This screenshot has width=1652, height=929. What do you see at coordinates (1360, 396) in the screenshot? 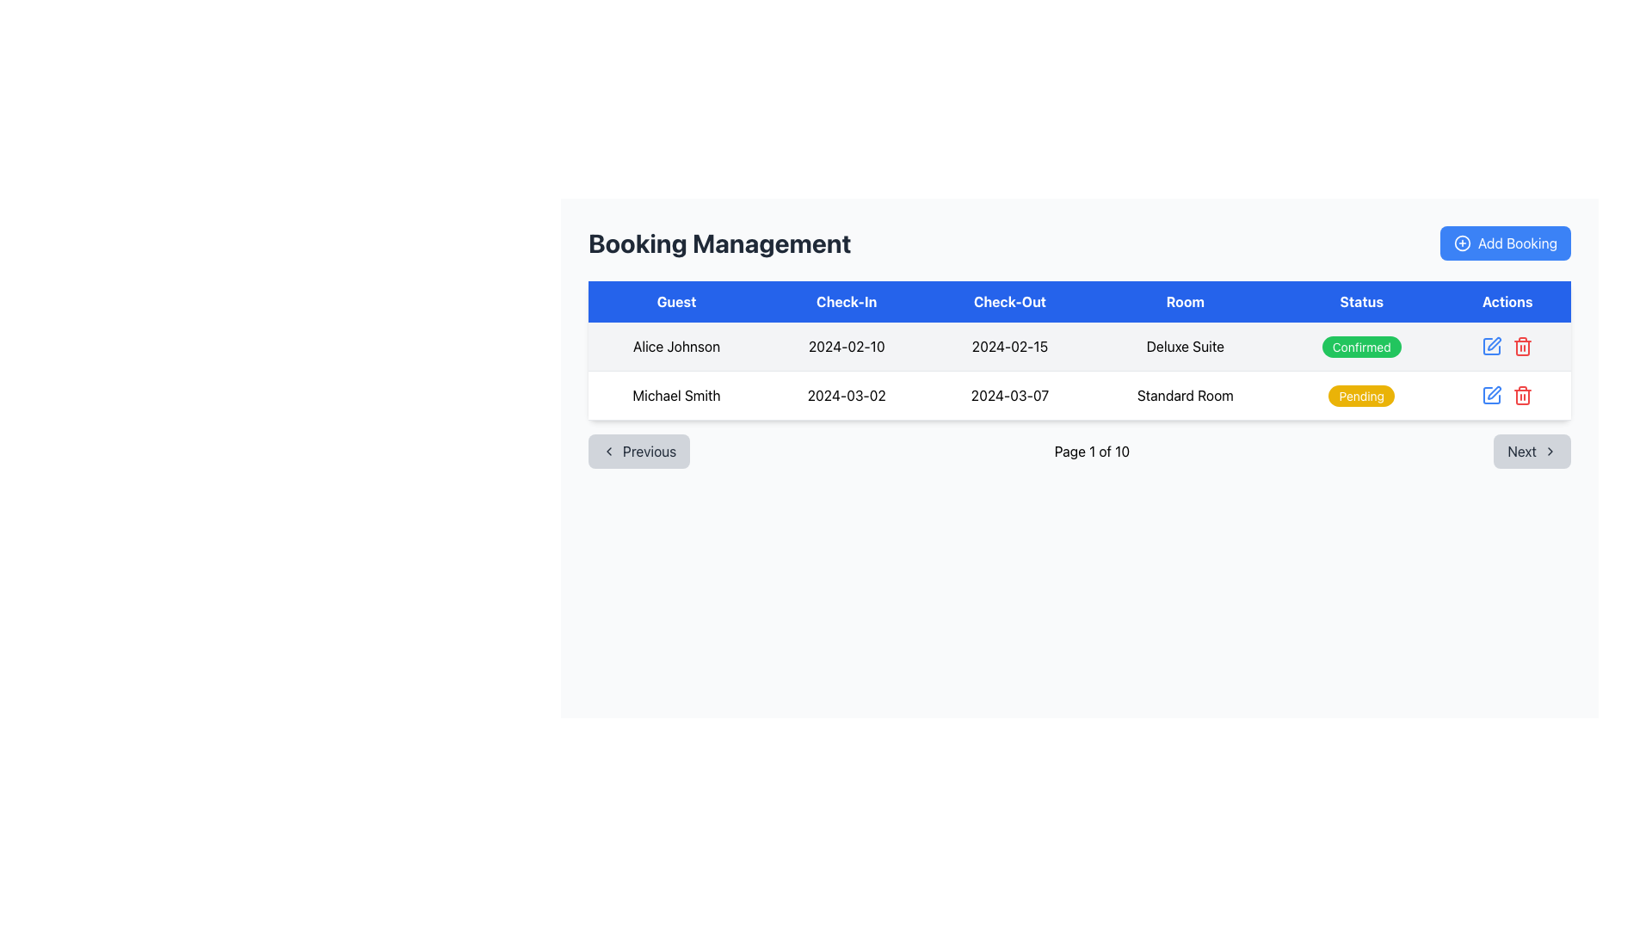
I see `the status label in the 'Status' column of the second row in the table, which indicates the current booking status and is surrounded by 'Standard Room' text and action buttons` at bounding box center [1360, 396].